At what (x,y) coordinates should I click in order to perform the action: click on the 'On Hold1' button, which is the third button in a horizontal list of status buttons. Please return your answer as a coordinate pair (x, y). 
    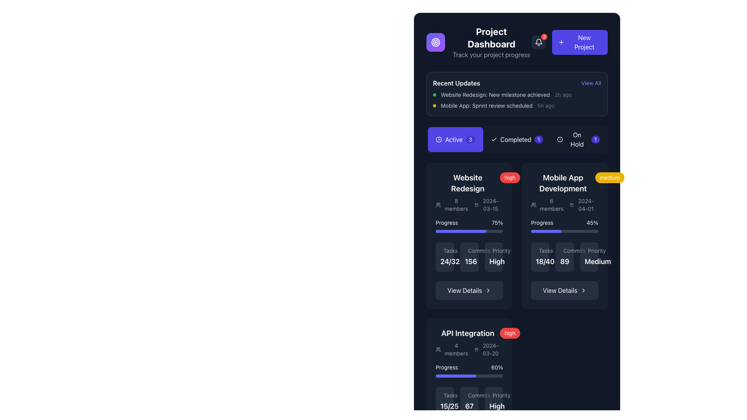
    Looking at the image, I should click on (579, 139).